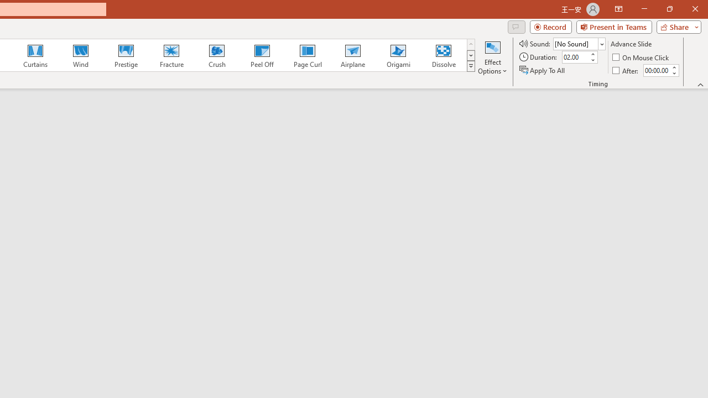 Image resolution: width=708 pixels, height=398 pixels. Describe the element at coordinates (170, 55) in the screenshot. I see `'Fracture'` at that location.